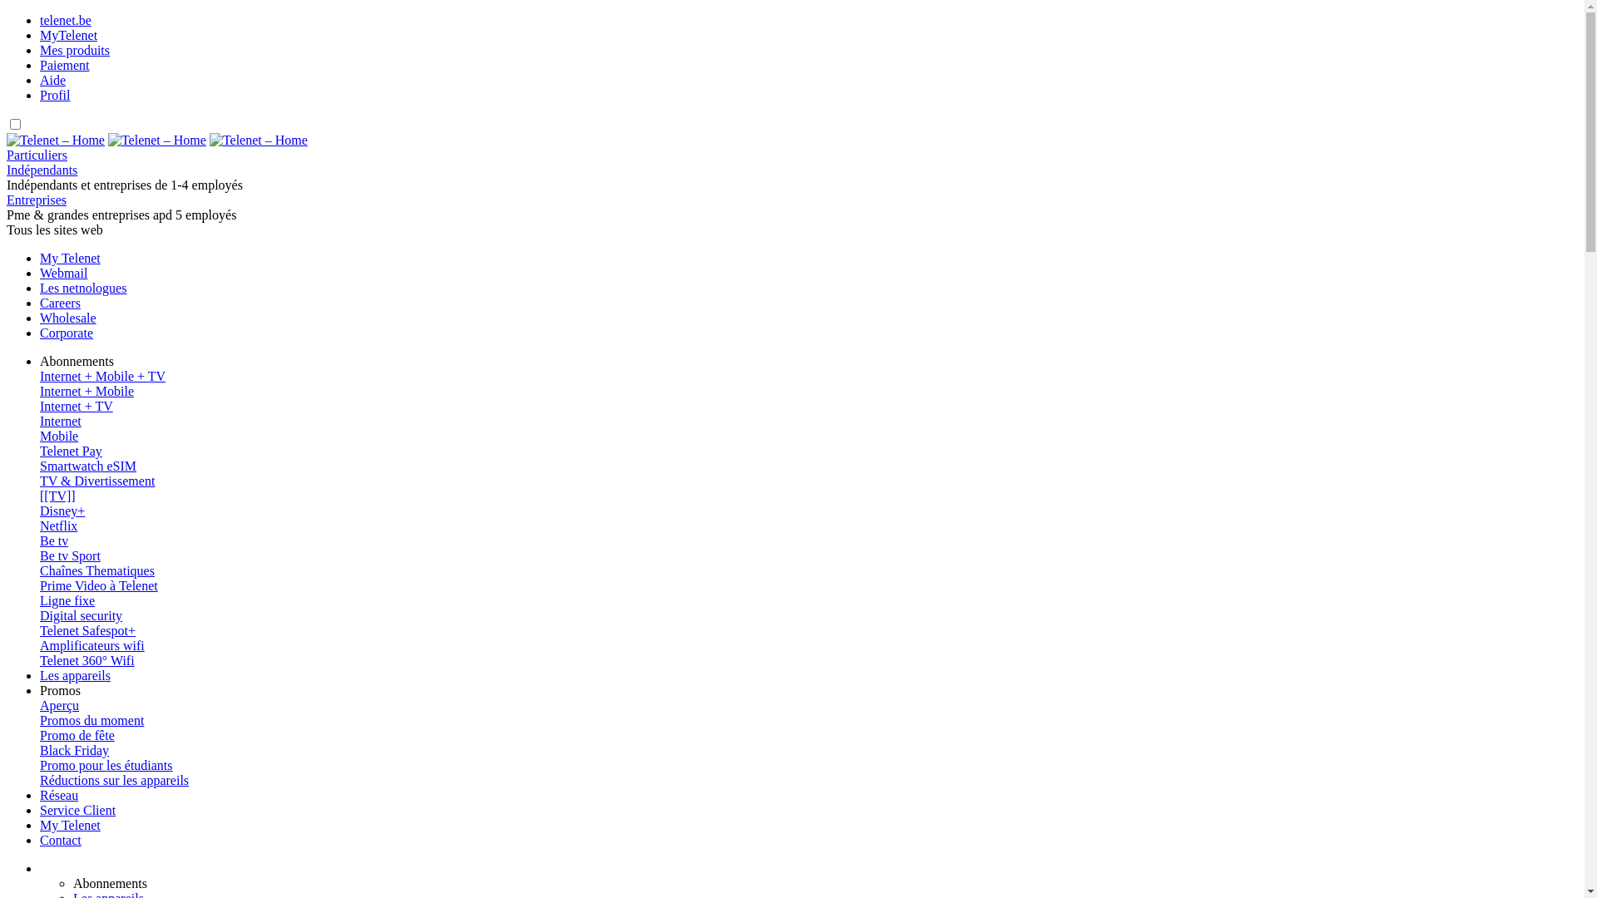  What do you see at coordinates (40, 466) in the screenshot?
I see `'Smartwatch eSIM'` at bounding box center [40, 466].